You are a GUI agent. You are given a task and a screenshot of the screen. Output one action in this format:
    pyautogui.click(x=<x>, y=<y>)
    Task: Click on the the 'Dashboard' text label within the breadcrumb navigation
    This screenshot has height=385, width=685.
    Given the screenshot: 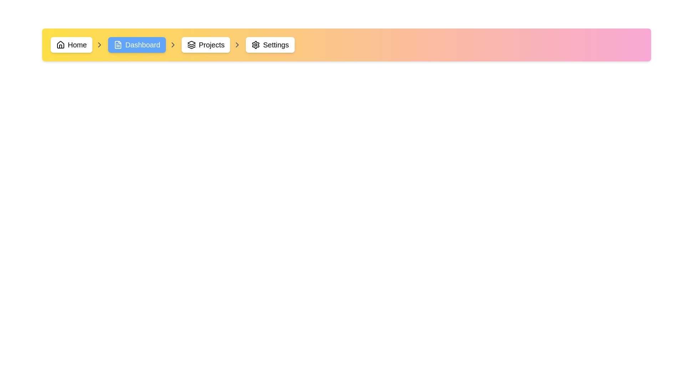 What is the action you would take?
    pyautogui.click(x=143, y=45)
    